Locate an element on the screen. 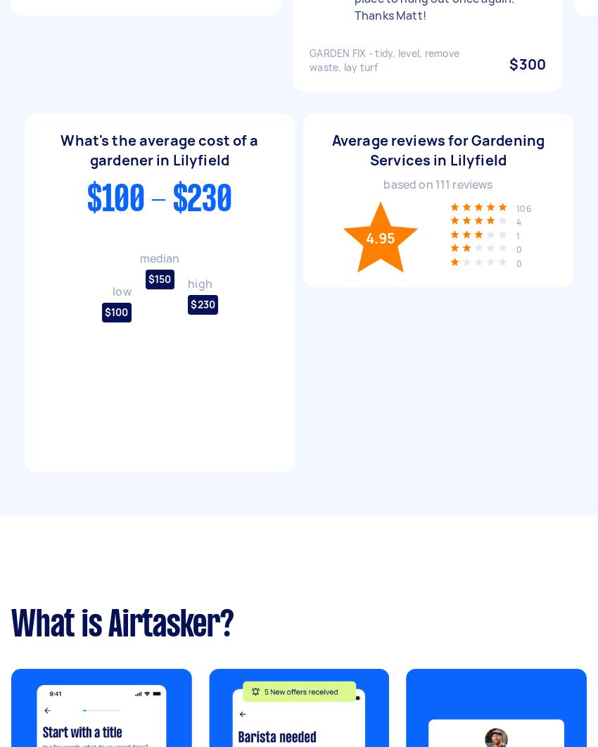 The width and height of the screenshot is (598, 747). '$100' is located at coordinates (115, 311).